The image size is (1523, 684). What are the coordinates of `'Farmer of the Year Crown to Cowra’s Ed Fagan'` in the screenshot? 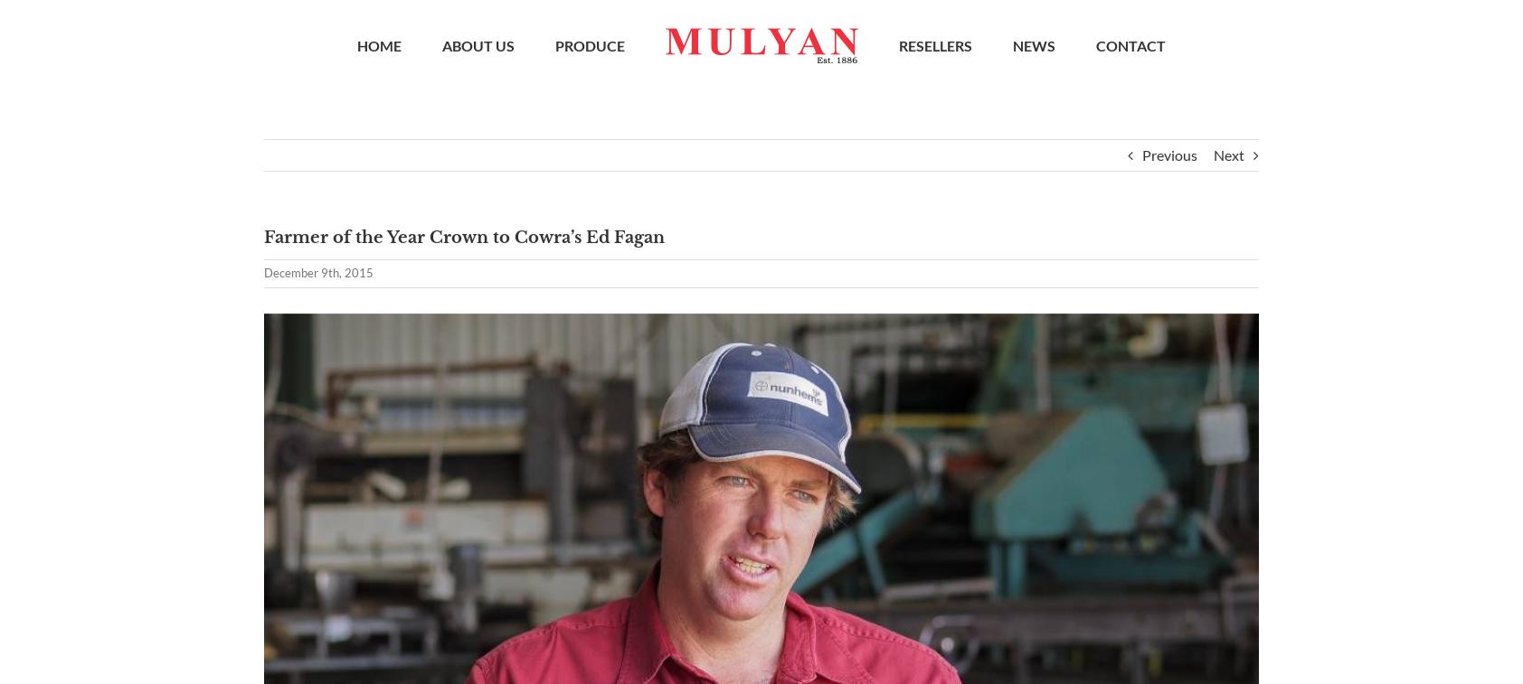 It's located at (264, 244).